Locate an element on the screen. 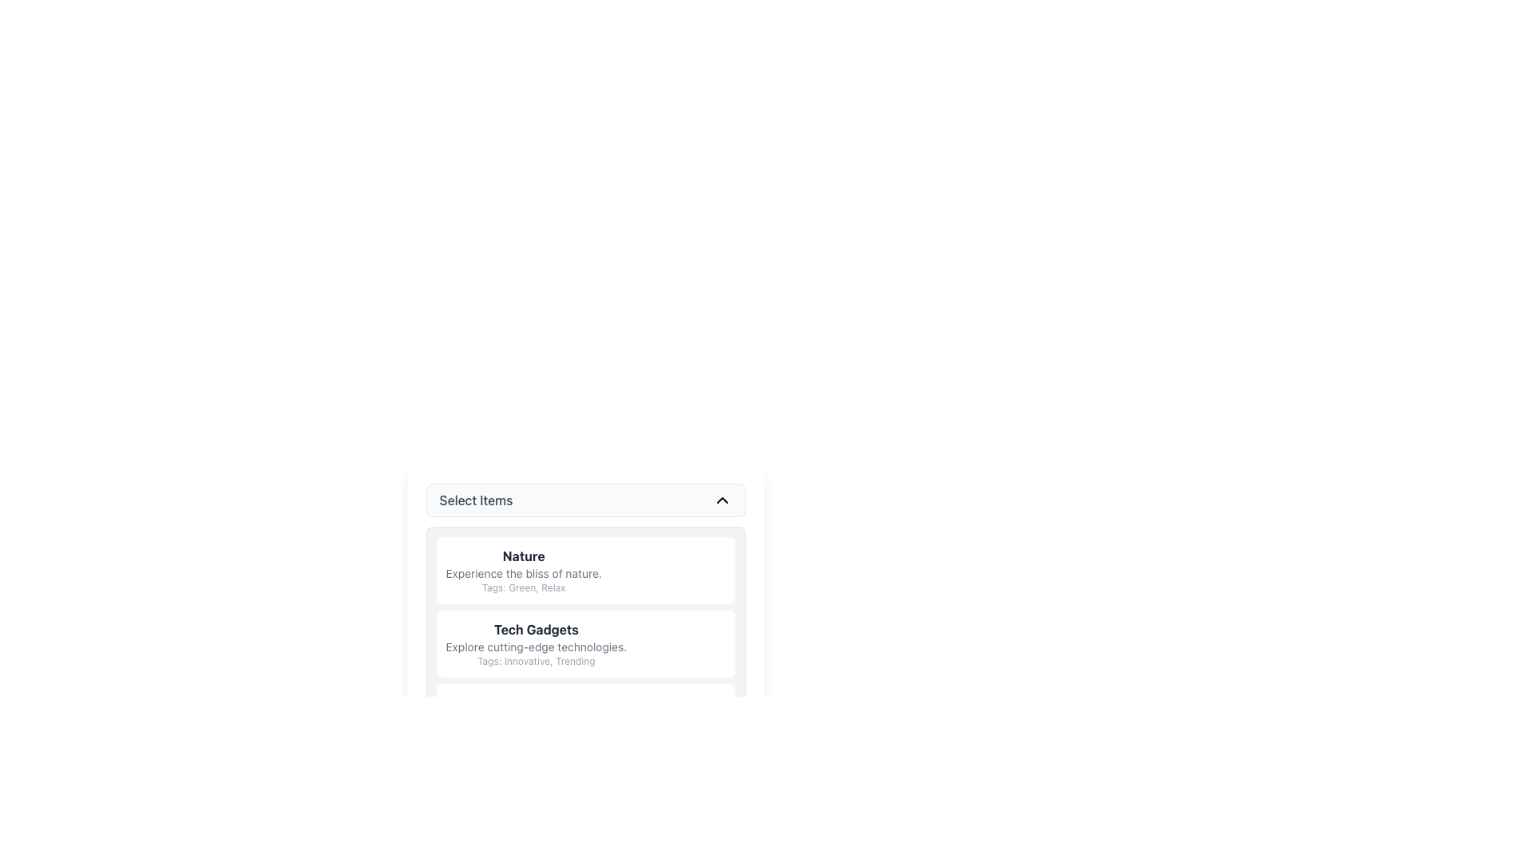 The height and width of the screenshot is (862, 1533). the informational text label located at the bottom of the 'Nature' section, which provides descriptive tags or keywords associated with this section is located at coordinates (524, 587).